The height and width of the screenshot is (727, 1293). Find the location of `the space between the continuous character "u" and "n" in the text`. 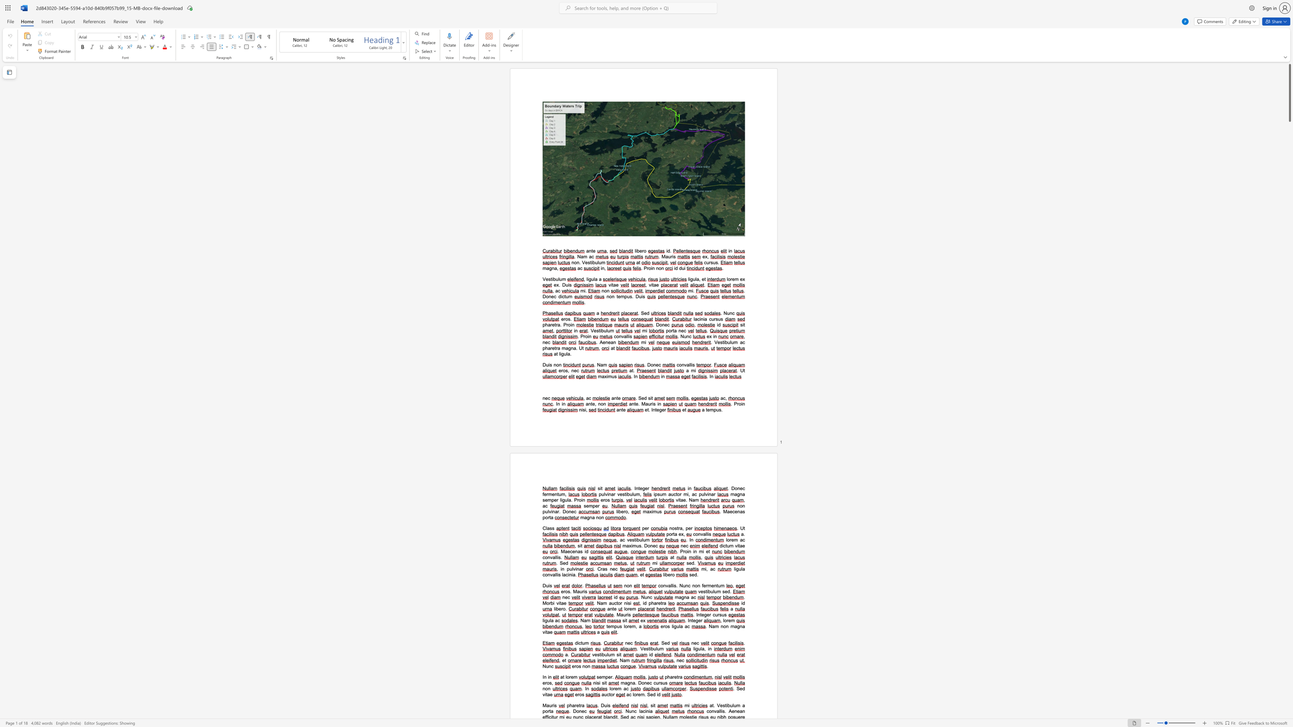

the space between the continuous character "u" and "n" in the text is located at coordinates (631, 710).